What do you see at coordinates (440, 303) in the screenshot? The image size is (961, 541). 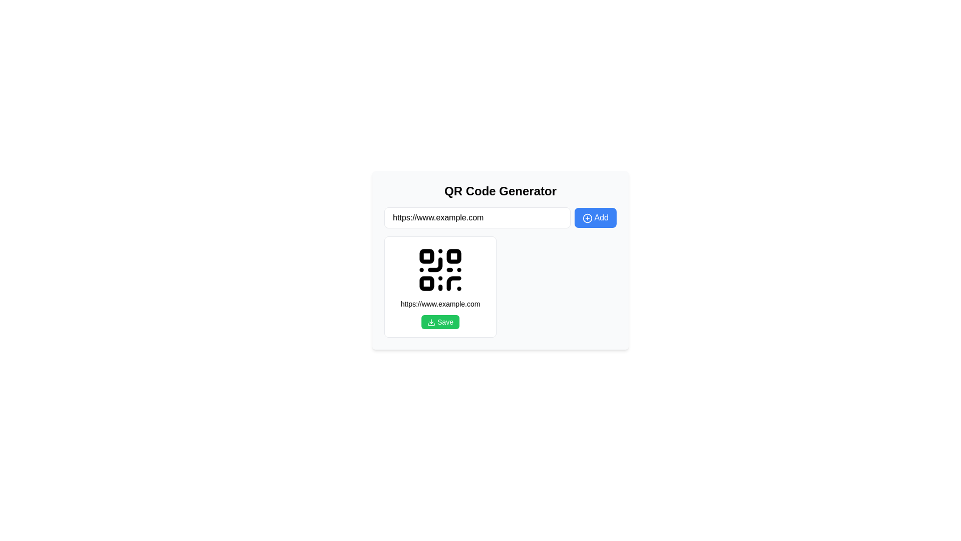 I see `the text label that presents the URL, located below the QR code image and above the 'Save' button, to trigger potential hover effects` at bounding box center [440, 303].